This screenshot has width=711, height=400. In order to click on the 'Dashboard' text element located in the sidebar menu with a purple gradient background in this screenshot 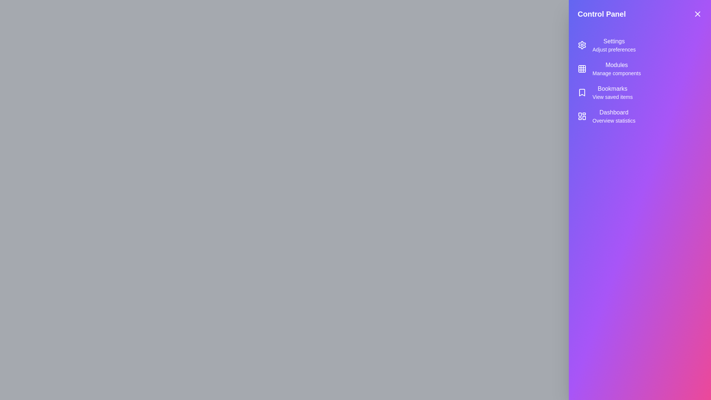, I will do `click(614, 116)`.